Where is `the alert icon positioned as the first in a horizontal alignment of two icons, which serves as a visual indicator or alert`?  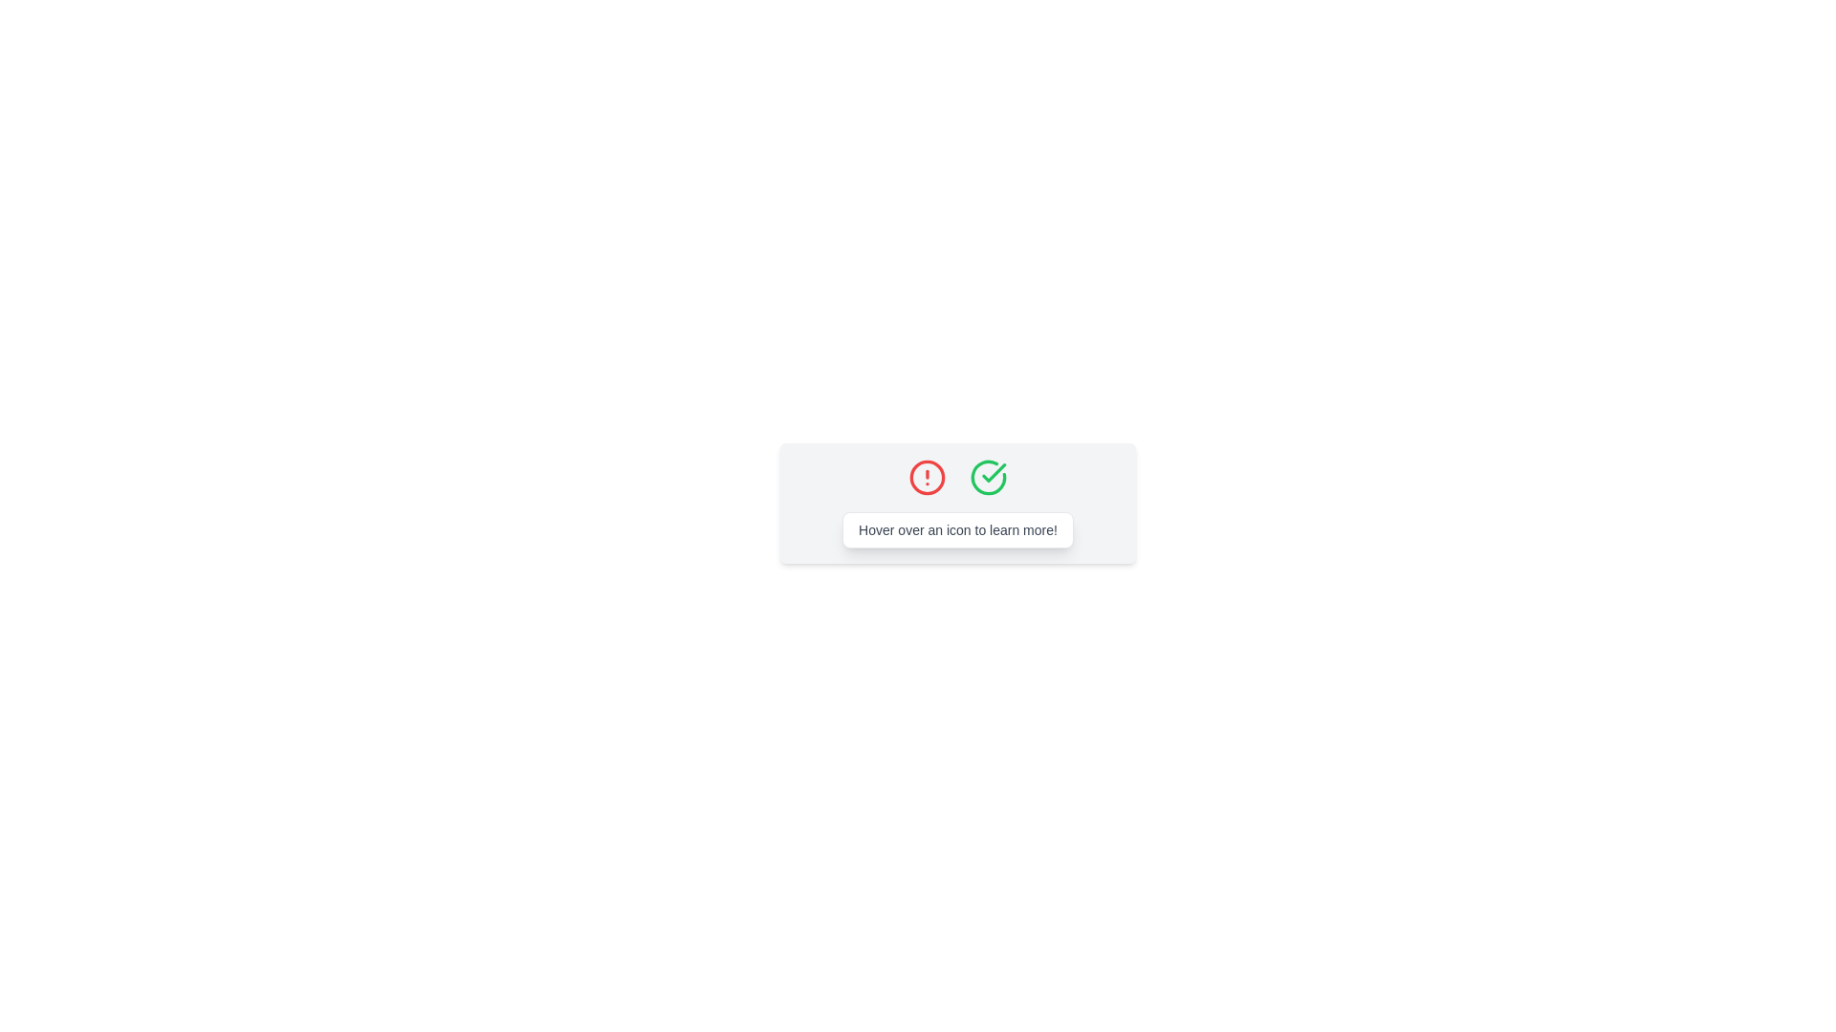 the alert icon positioned as the first in a horizontal alignment of two icons, which serves as a visual indicator or alert is located at coordinates (927, 477).